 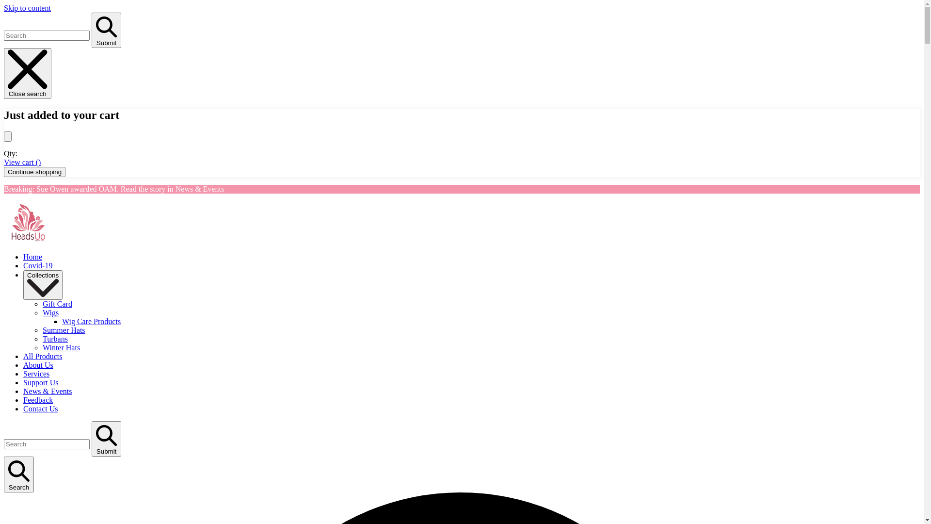 What do you see at coordinates (36, 373) in the screenshot?
I see `'Services'` at bounding box center [36, 373].